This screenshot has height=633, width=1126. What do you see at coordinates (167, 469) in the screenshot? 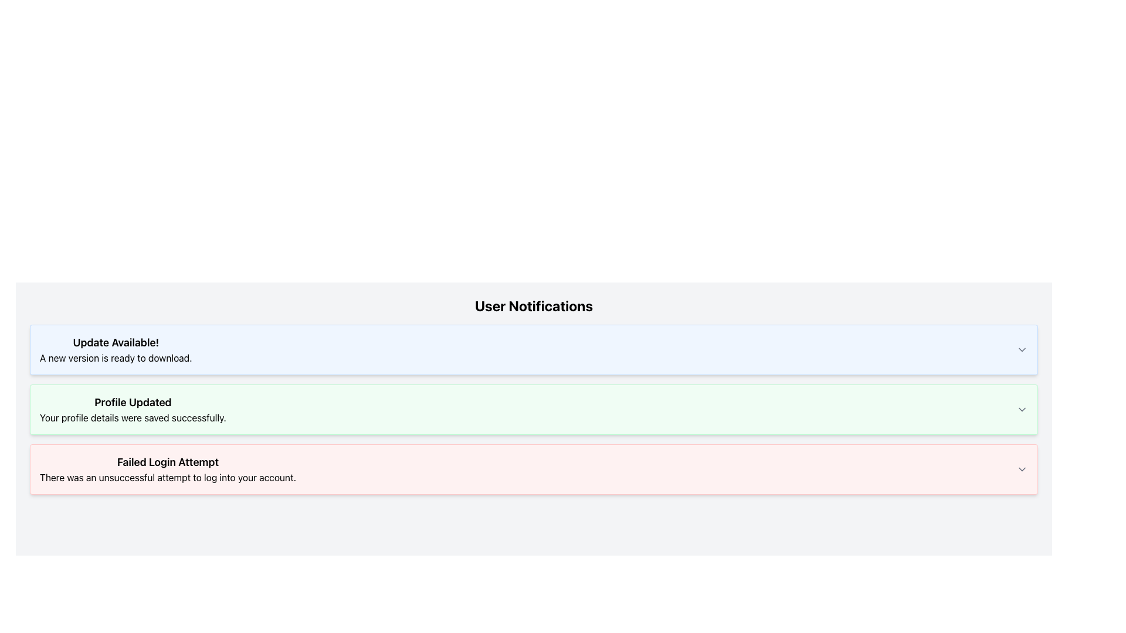
I see `the Static Notification Message that informs the user about a failed login activity, located at the bottom of the notification list` at bounding box center [167, 469].